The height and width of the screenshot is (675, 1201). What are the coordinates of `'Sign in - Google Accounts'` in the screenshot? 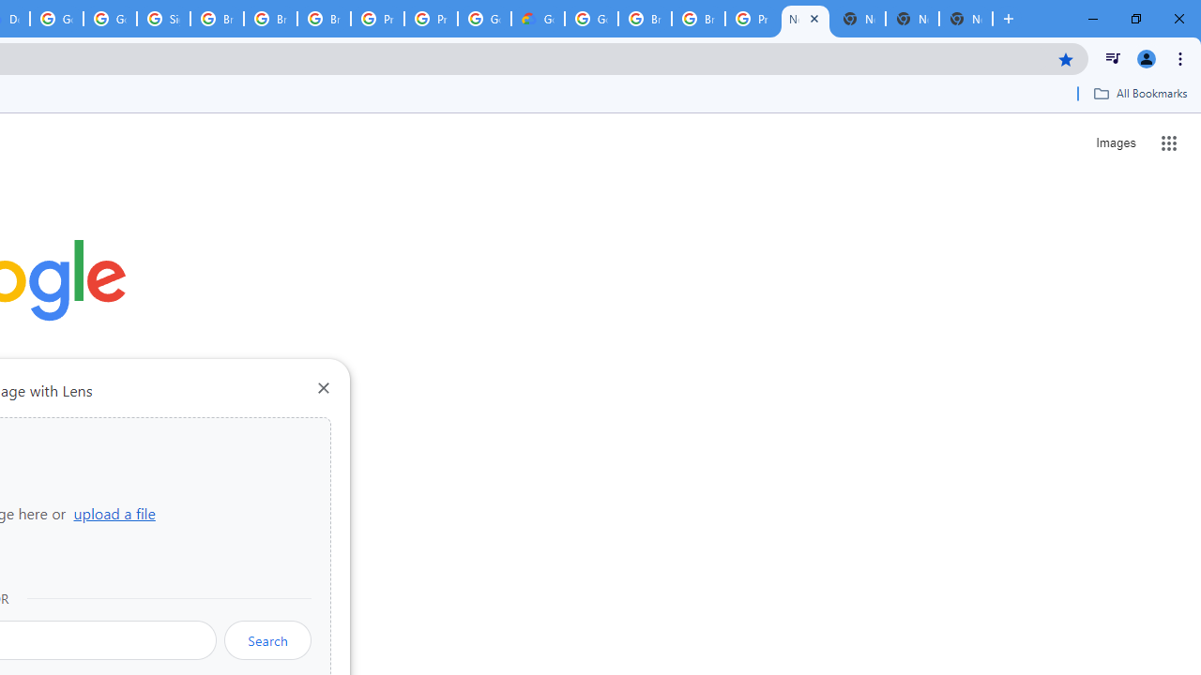 It's located at (163, 19).